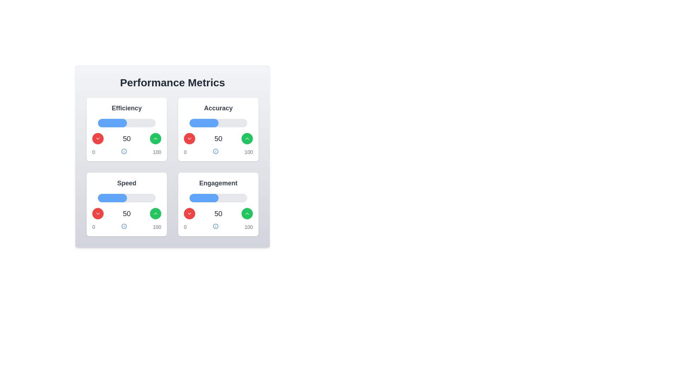 The height and width of the screenshot is (382, 679). What do you see at coordinates (127, 108) in the screenshot?
I see `the text label that reads 'Efficiency', which is positioned at the top center of a white, rounded rectangular card representing a performance metric` at bounding box center [127, 108].